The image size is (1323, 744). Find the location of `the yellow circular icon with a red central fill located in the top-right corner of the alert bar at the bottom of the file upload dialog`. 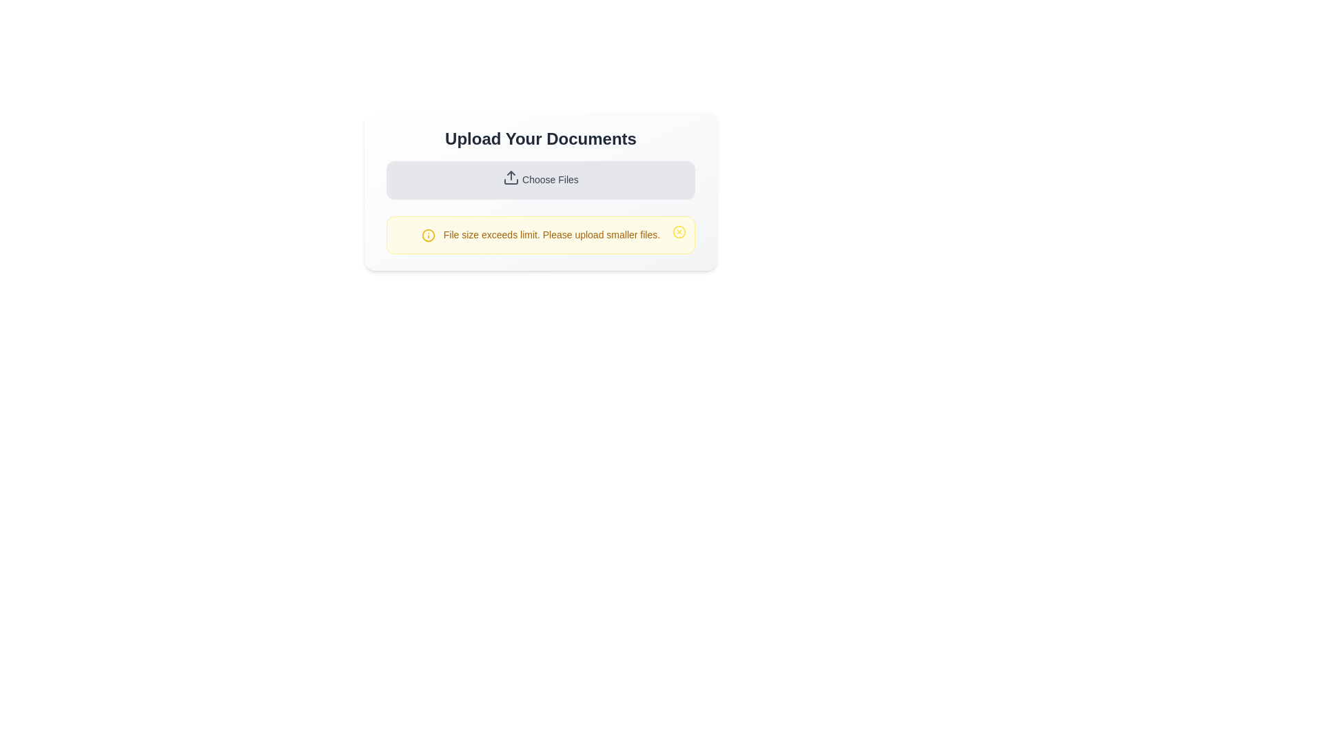

the yellow circular icon with a red central fill located in the top-right corner of the alert bar at the bottom of the file upload dialog is located at coordinates (679, 231).